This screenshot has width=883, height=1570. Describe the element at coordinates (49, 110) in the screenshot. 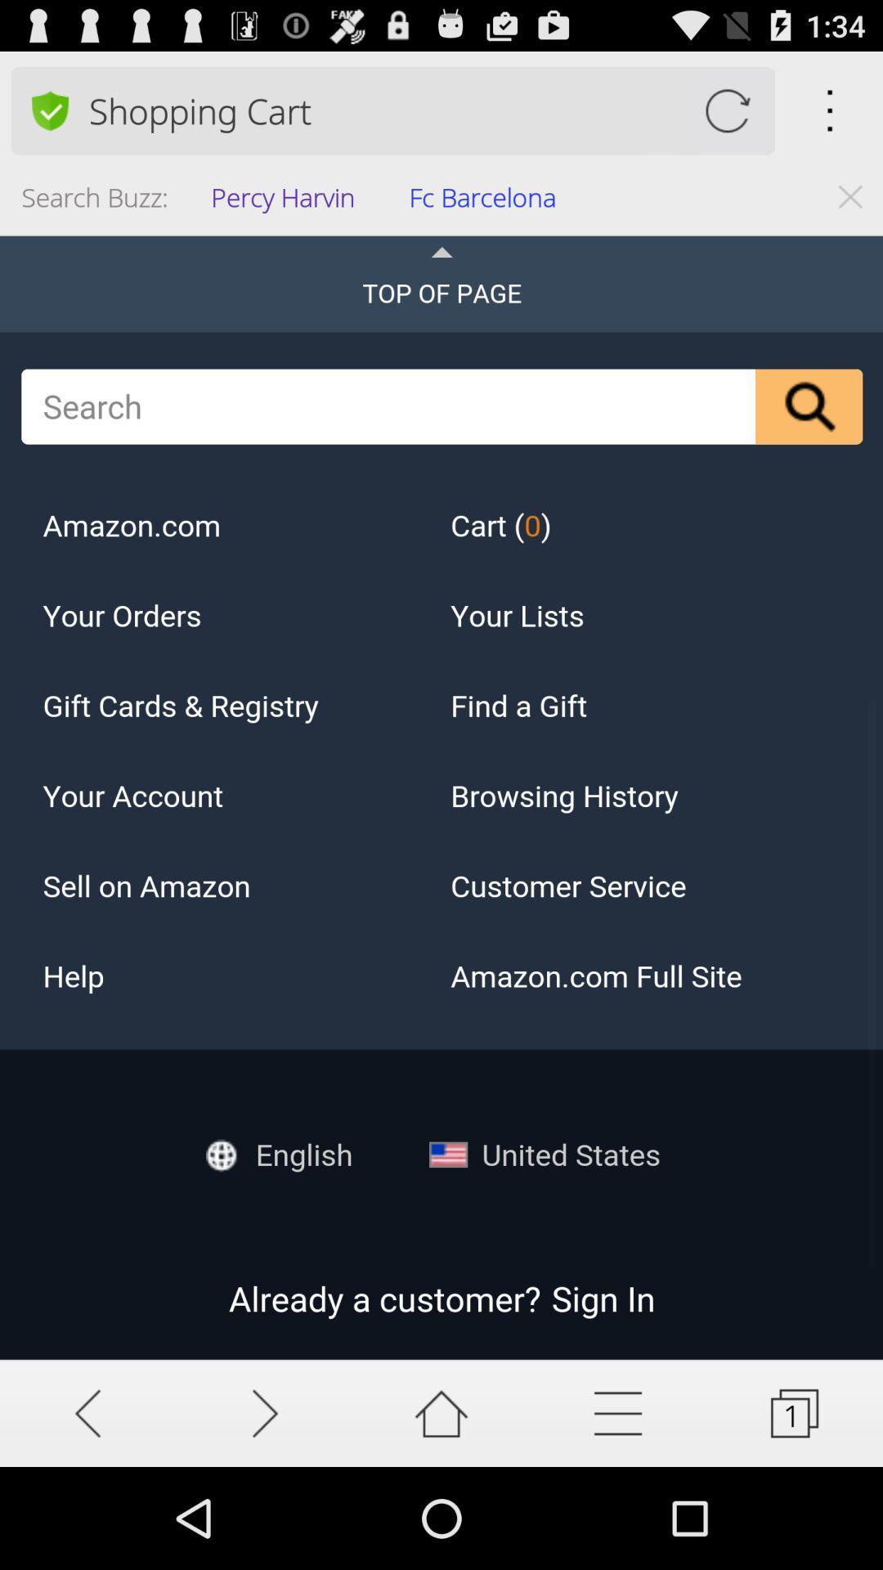

I see `change the preference search option` at that location.